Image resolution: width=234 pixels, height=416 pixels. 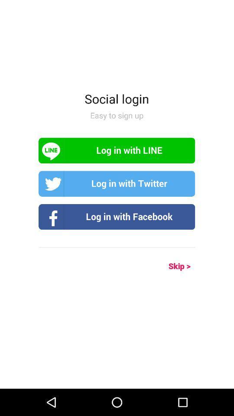 What do you see at coordinates (117, 150) in the screenshot?
I see `log in with line` at bounding box center [117, 150].